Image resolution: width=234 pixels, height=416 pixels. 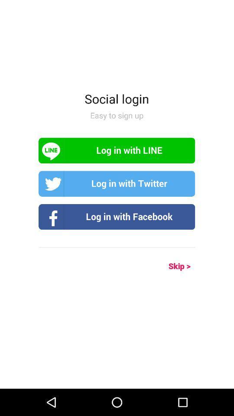 What do you see at coordinates (117, 150) in the screenshot?
I see `log in with line` at bounding box center [117, 150].